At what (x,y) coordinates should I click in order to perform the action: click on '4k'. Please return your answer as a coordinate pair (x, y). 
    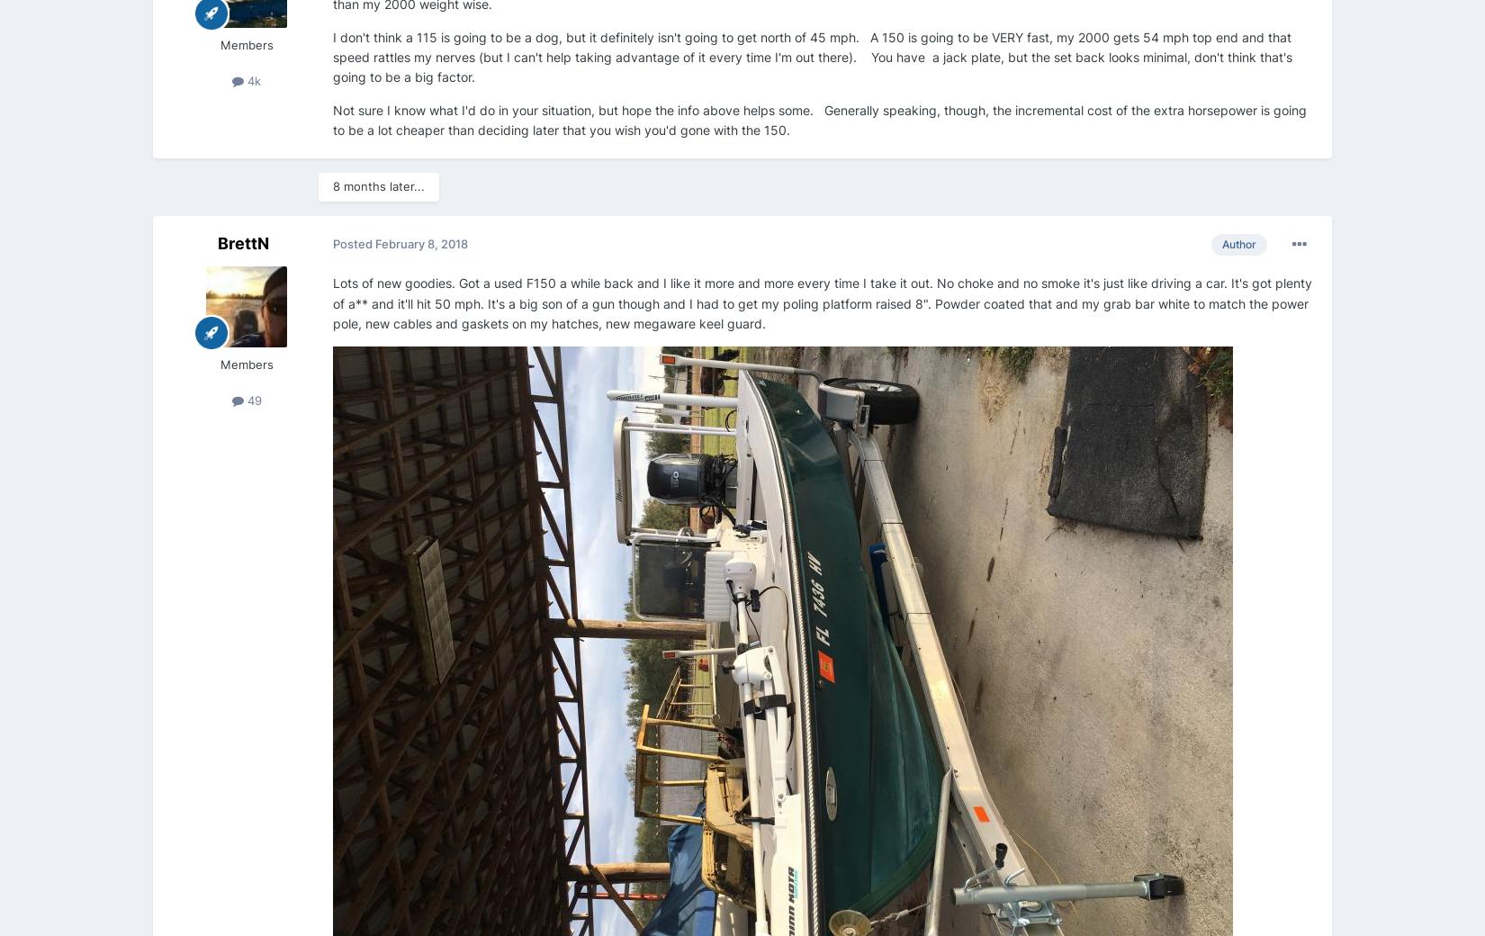
    Looking at the image, I should click on (252, 79).